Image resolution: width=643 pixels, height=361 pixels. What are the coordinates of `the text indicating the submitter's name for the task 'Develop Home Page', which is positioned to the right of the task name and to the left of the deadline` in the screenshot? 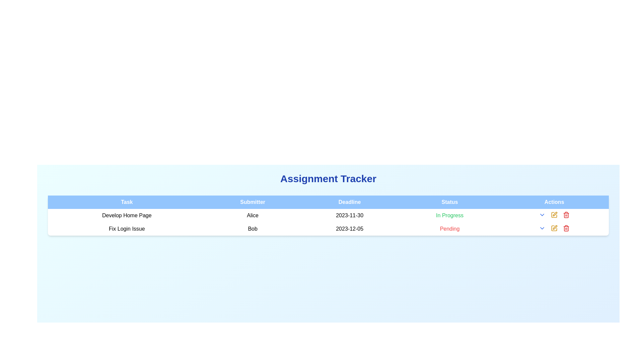 It's located at (252, 215).